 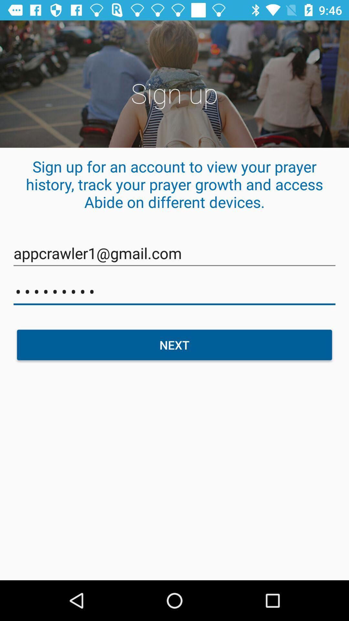 I want to click on item below sign up for icon, so click(x=174, y=253).